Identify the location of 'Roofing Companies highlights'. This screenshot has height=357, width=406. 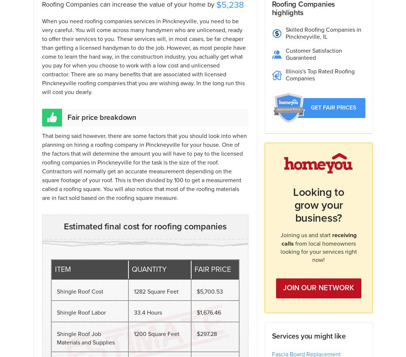
(303, 8).